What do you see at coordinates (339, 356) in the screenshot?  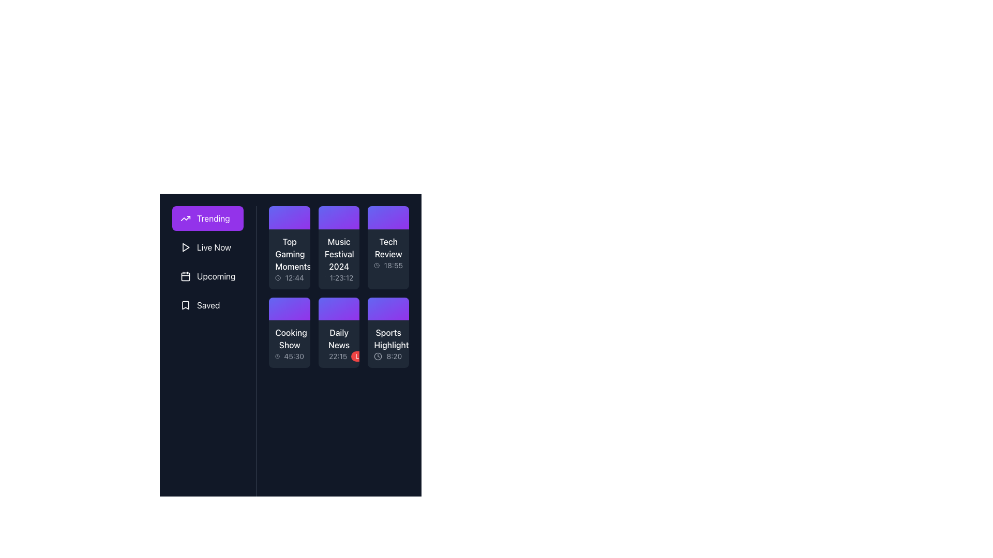 I see `the informational label displaying '22:15 LIVE' with a clock icon and a red 'LIVE' badge located at the bottom-left corner of the 'Daily News' card` at bounding box center [339, 356].